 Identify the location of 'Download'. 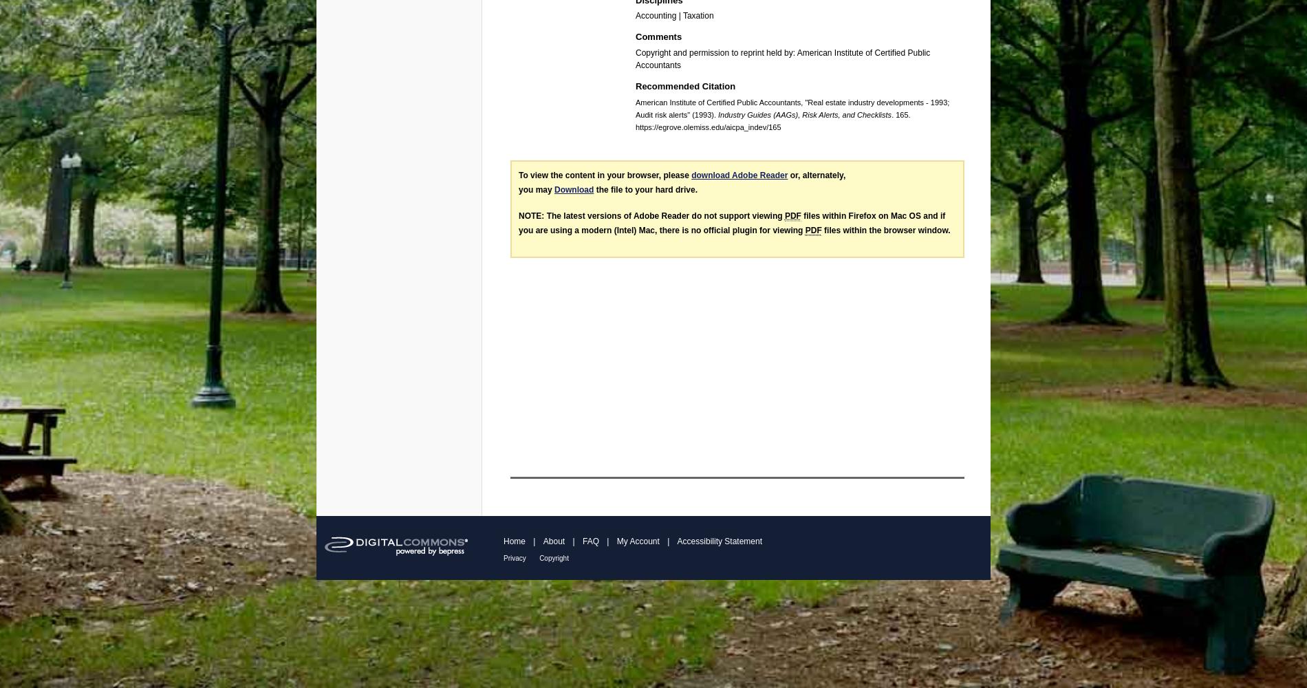
(553, 190).